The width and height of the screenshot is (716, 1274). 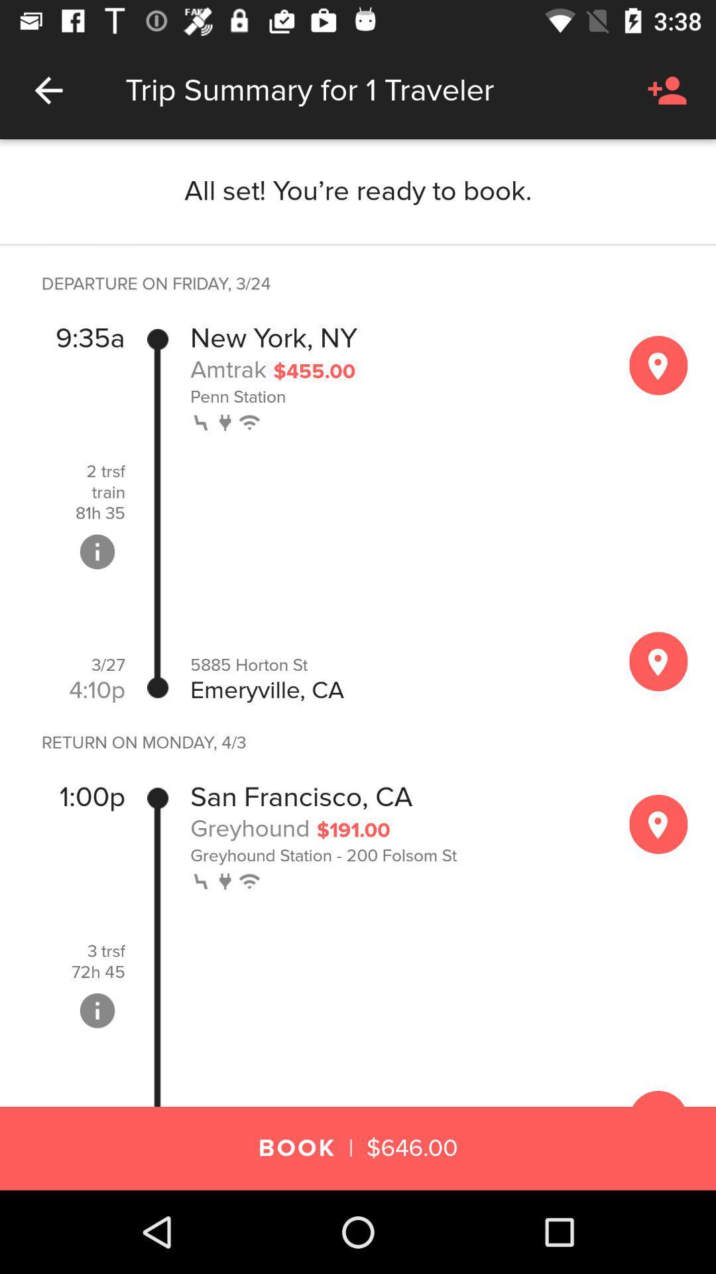 I want to click on trip information, so click(x=96, y=551).